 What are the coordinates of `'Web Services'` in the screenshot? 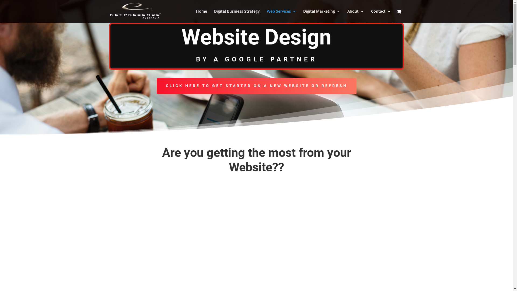 It's located at (281, 16).